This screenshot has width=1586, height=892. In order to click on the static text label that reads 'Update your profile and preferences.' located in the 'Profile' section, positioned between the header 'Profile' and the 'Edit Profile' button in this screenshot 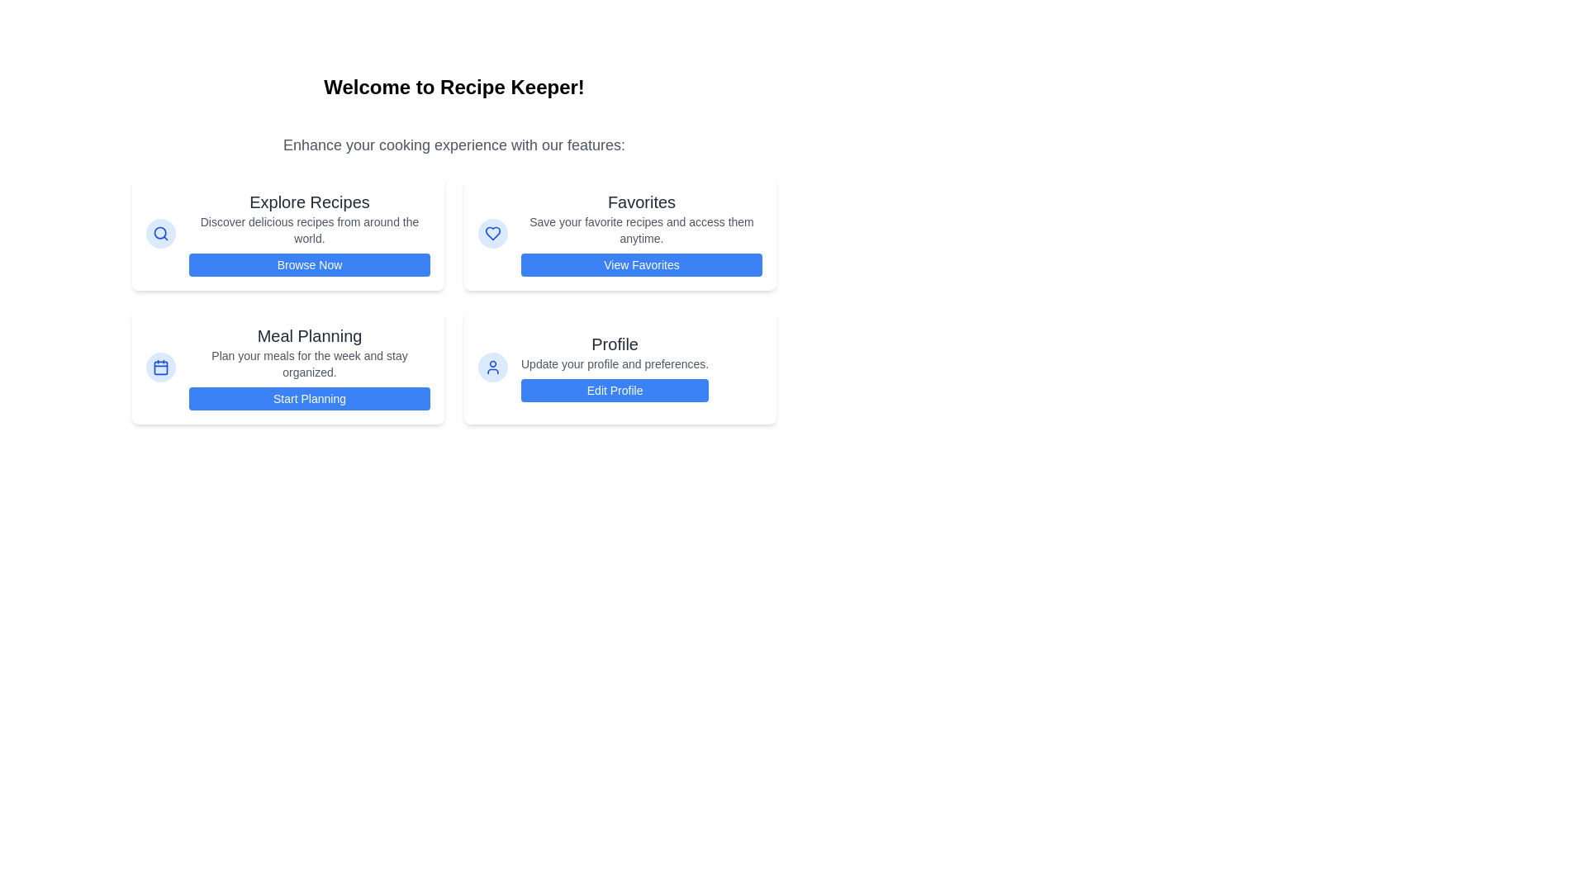, I will do `click(614, 363)`.